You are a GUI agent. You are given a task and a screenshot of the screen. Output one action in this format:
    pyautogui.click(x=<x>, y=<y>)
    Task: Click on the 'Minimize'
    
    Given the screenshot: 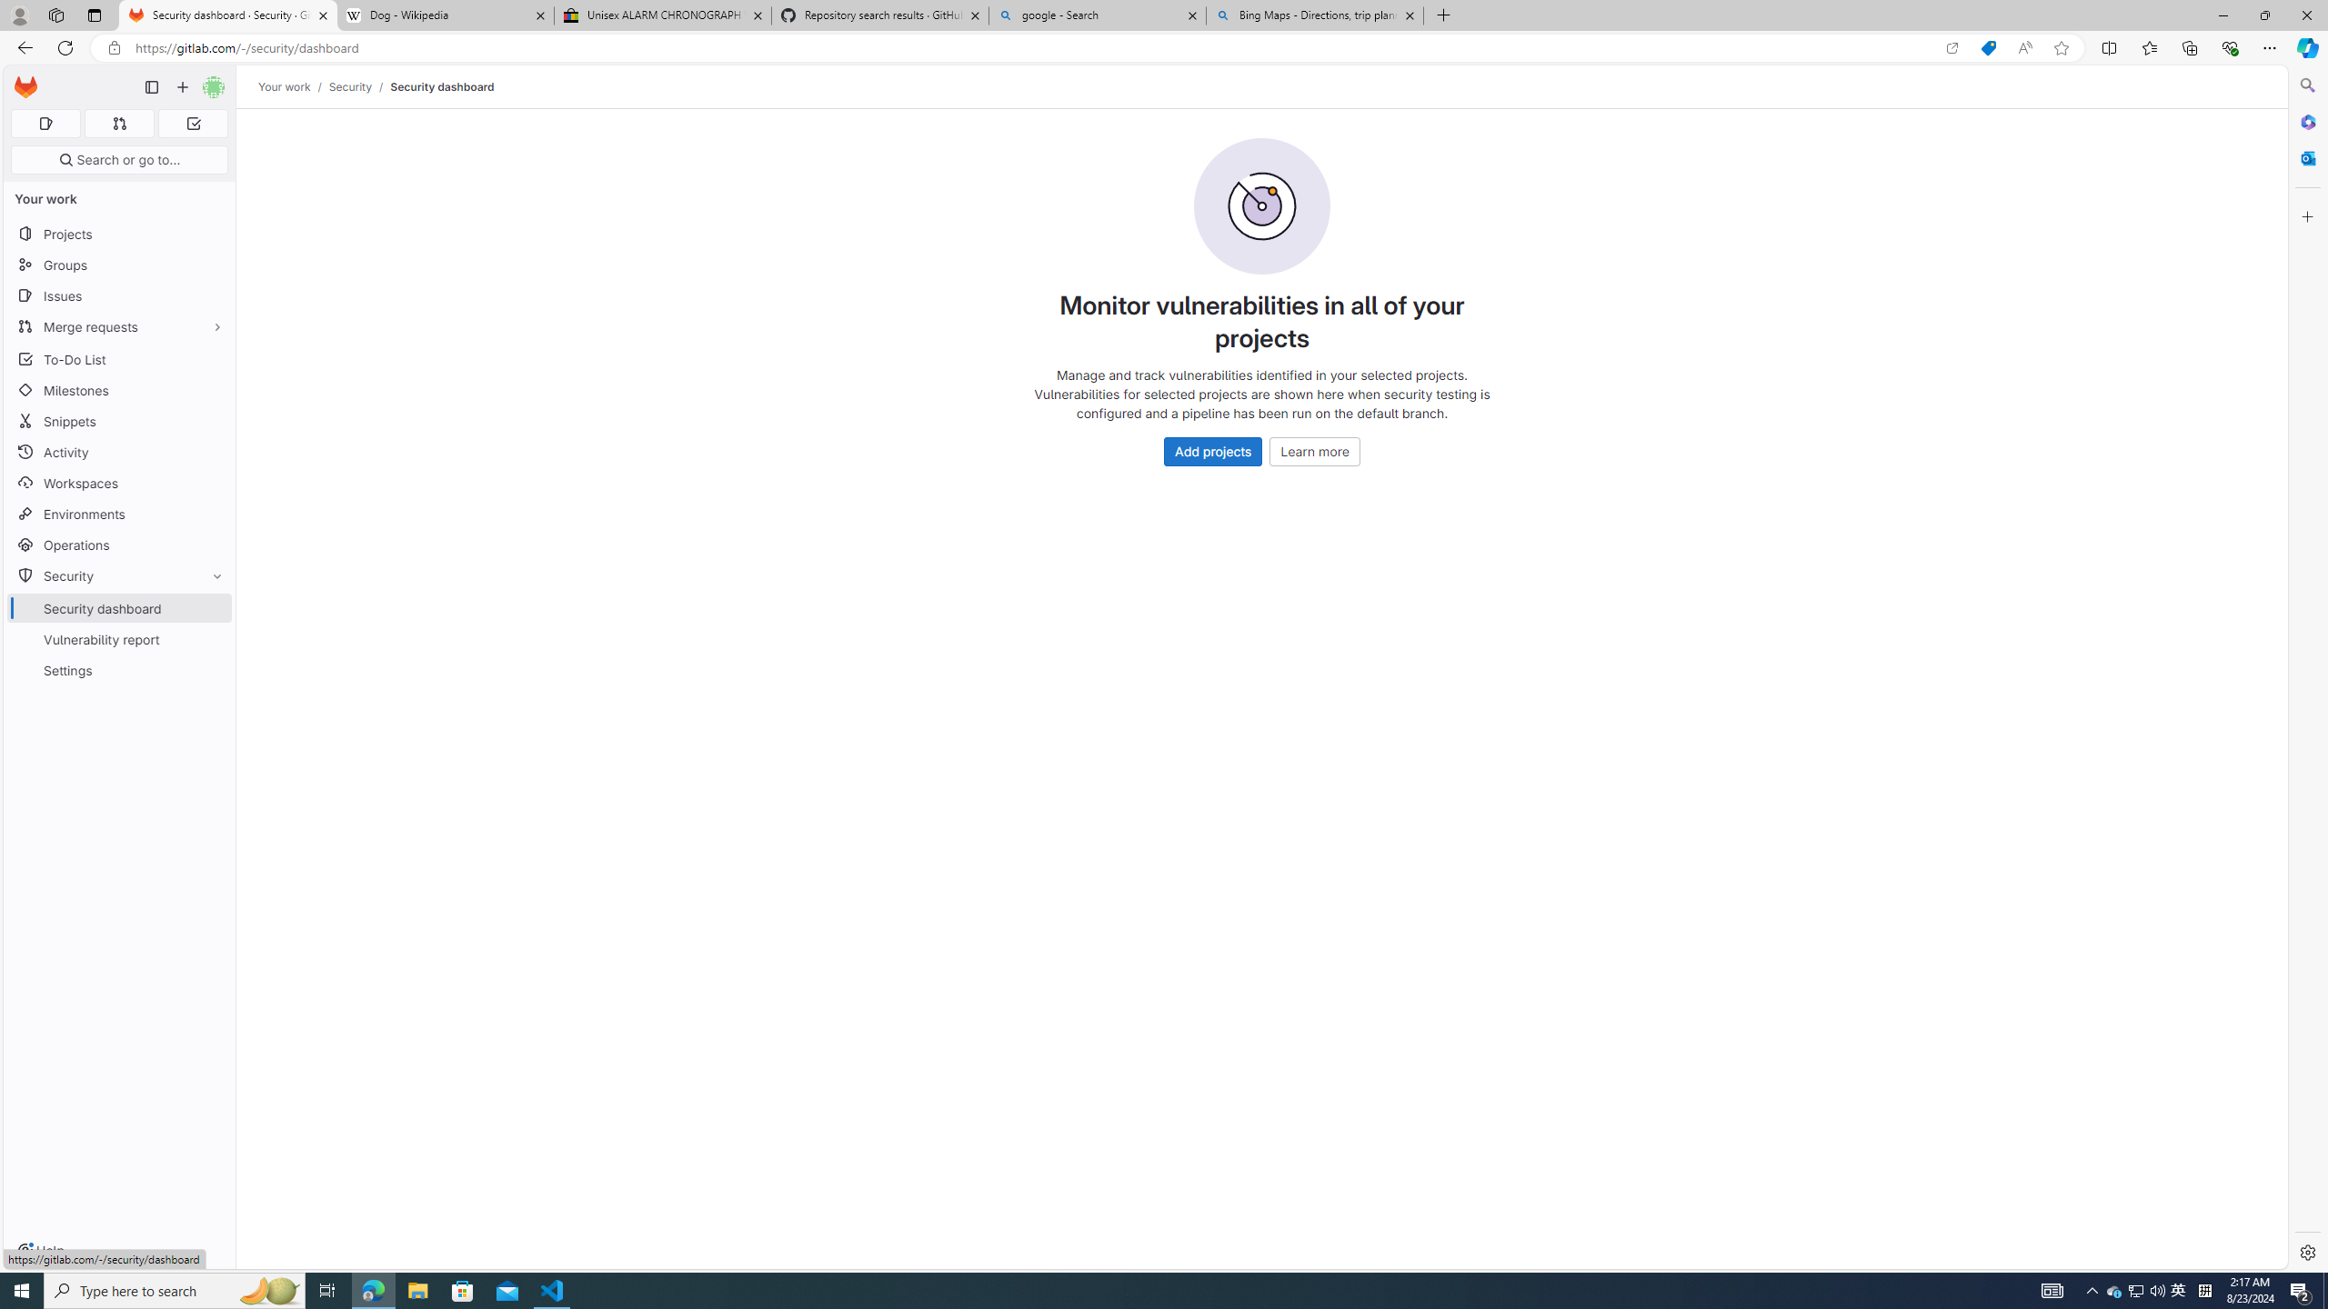 What is the action you would take?
    pyautogui.click(x=2222, y=15)
    